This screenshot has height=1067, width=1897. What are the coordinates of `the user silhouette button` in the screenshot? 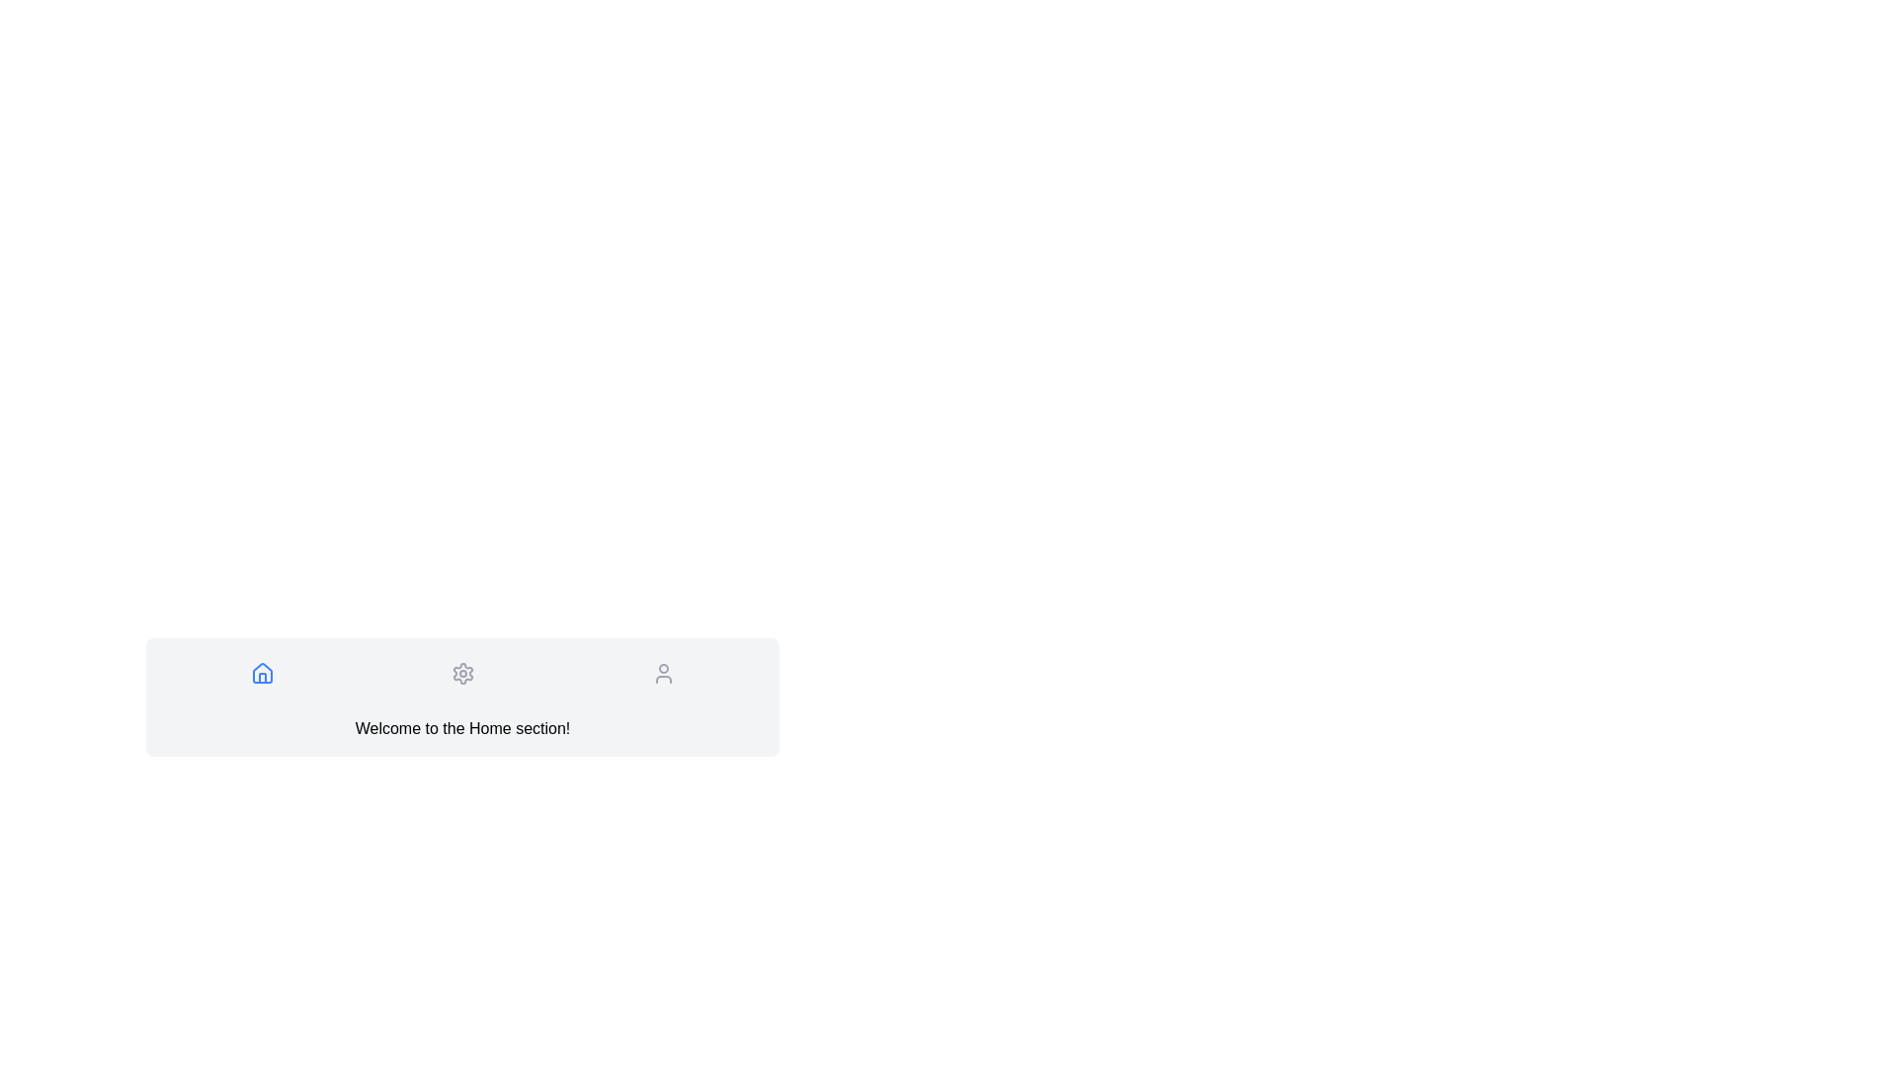 It's located at (663, 673).